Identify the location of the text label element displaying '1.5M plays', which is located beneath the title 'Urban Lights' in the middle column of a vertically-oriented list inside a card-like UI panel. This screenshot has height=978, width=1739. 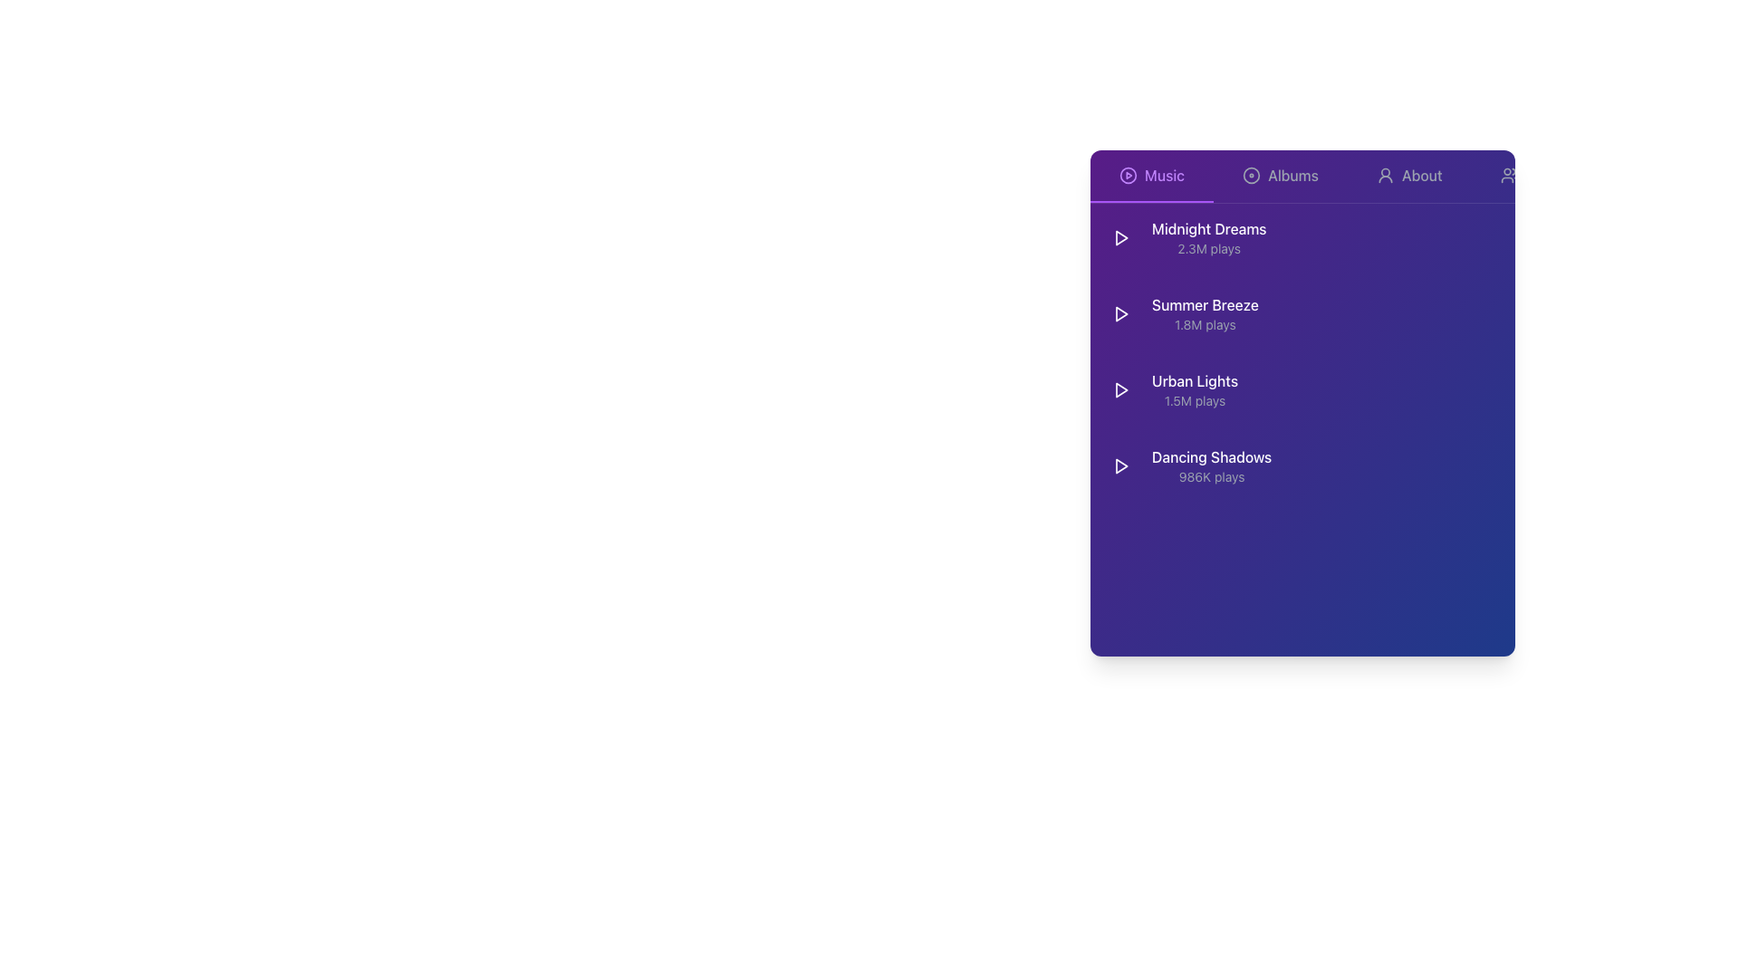
(1195, 400).